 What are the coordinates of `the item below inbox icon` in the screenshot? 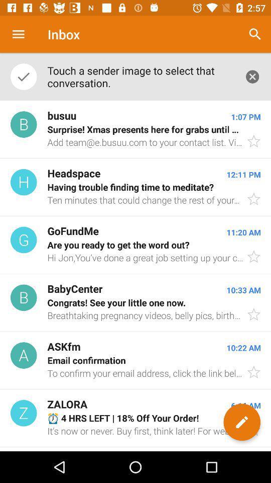 It's located at (140, 76).